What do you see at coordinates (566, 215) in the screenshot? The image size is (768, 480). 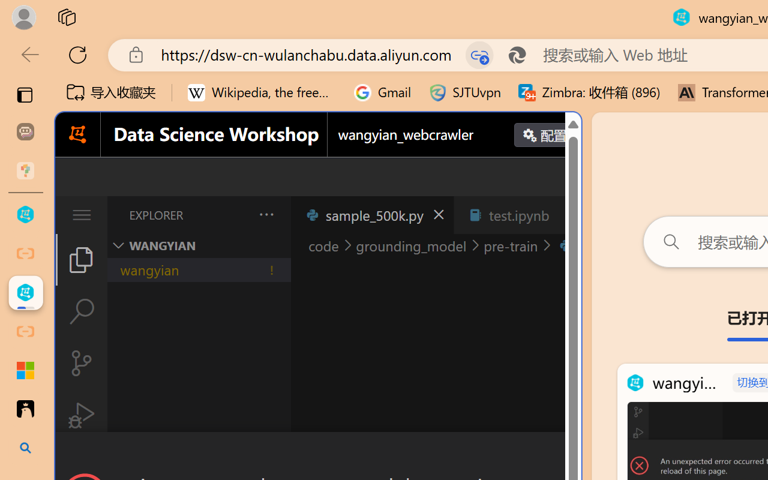 I see `'Tab actions'` at bounding box center [566, 215].